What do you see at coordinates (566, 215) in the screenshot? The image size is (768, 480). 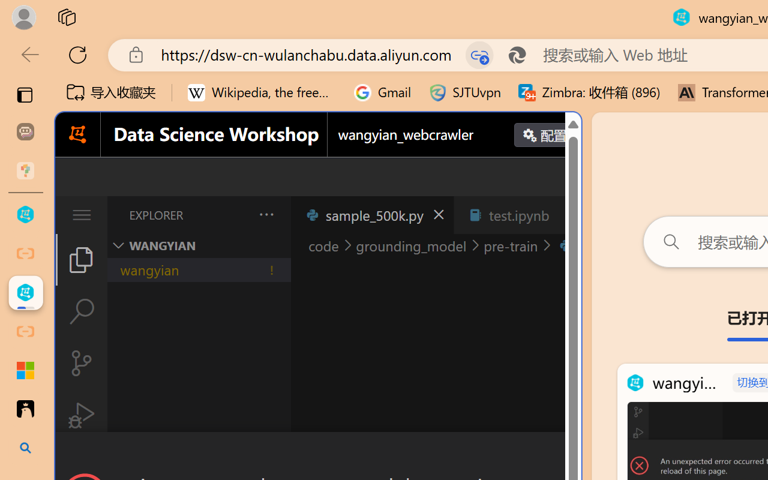 I see `'Tab actions'` at bounding box center [566, 215].